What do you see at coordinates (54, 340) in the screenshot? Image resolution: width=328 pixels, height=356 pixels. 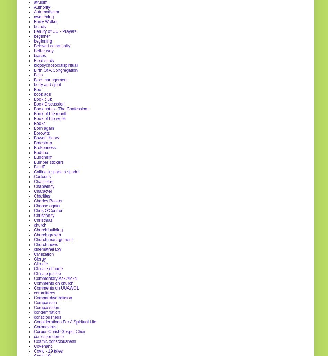 I see `'Cosmic consciousness'` at bounding box center [54, 340].